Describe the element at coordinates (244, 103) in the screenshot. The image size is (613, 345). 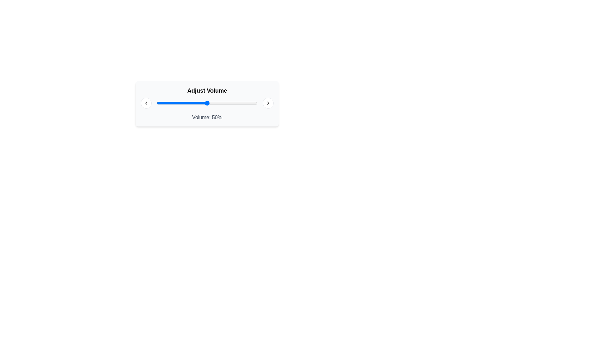
I see `the slider` at that location.